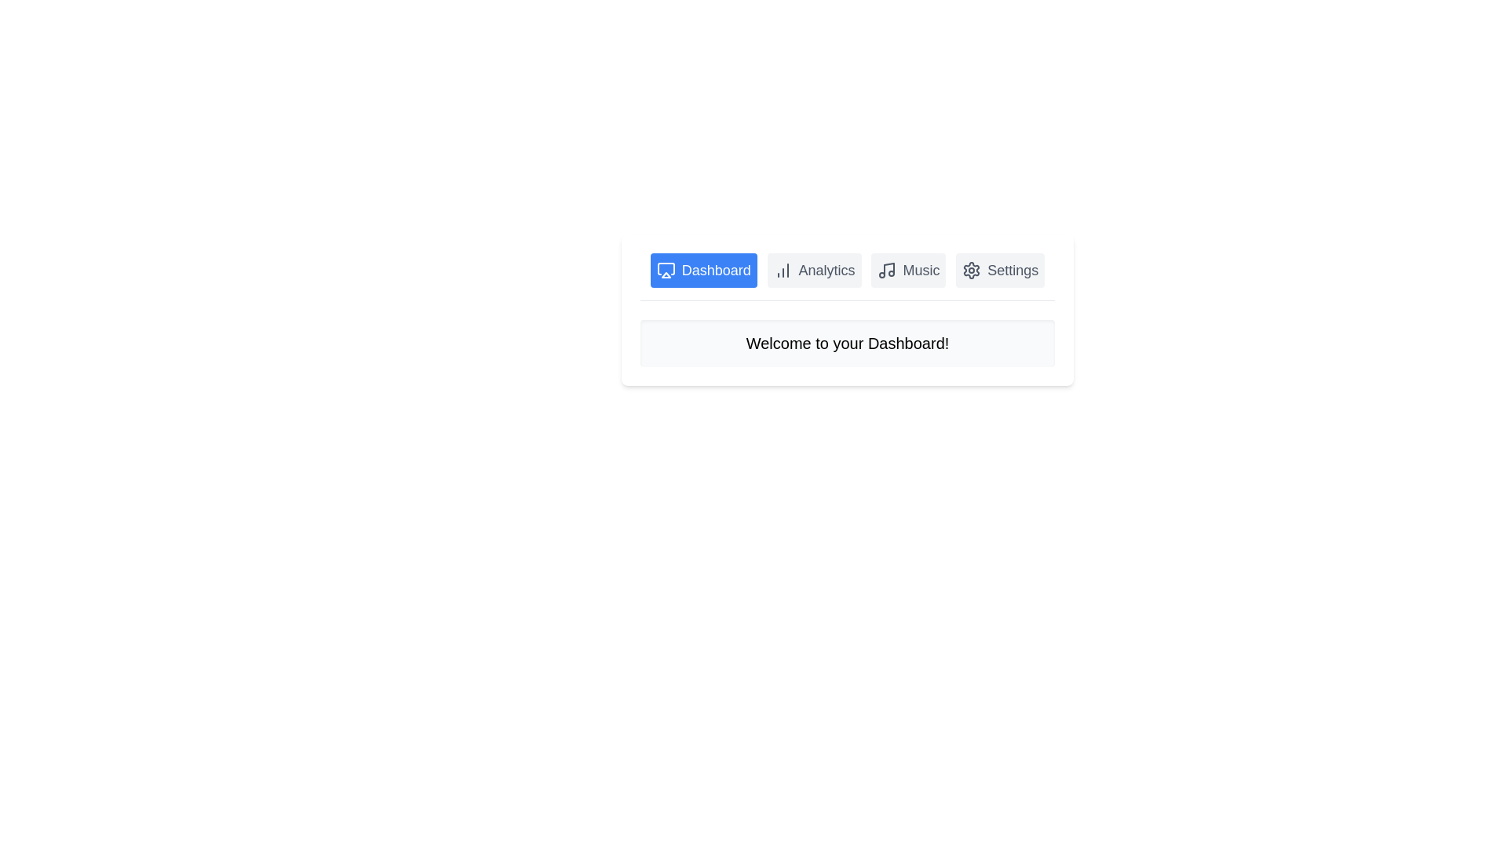 This screenshot has width=1507, height=847. What do you see at coordinates (847, 343) in the screenshot?
I see `the static welcoming message located directly beneath the navigation bar on the dashboard` at bounding box center [847, 343].